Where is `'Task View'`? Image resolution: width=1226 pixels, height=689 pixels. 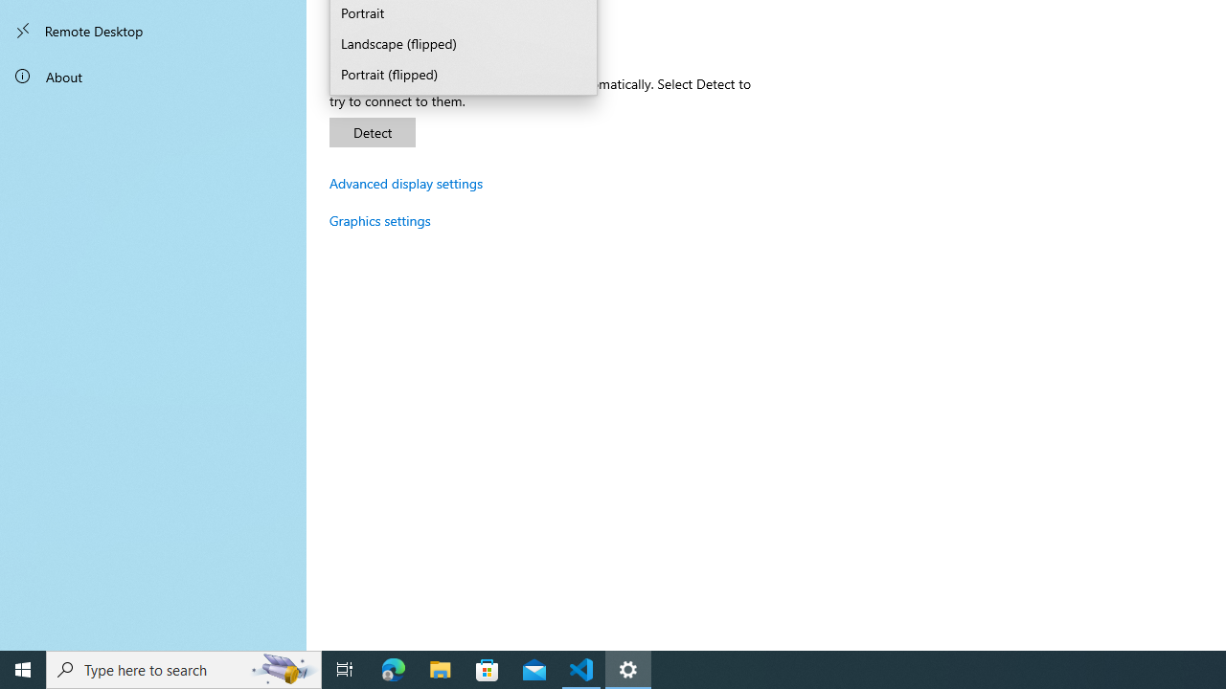
'Task View' is located at coordinates (344, 668).